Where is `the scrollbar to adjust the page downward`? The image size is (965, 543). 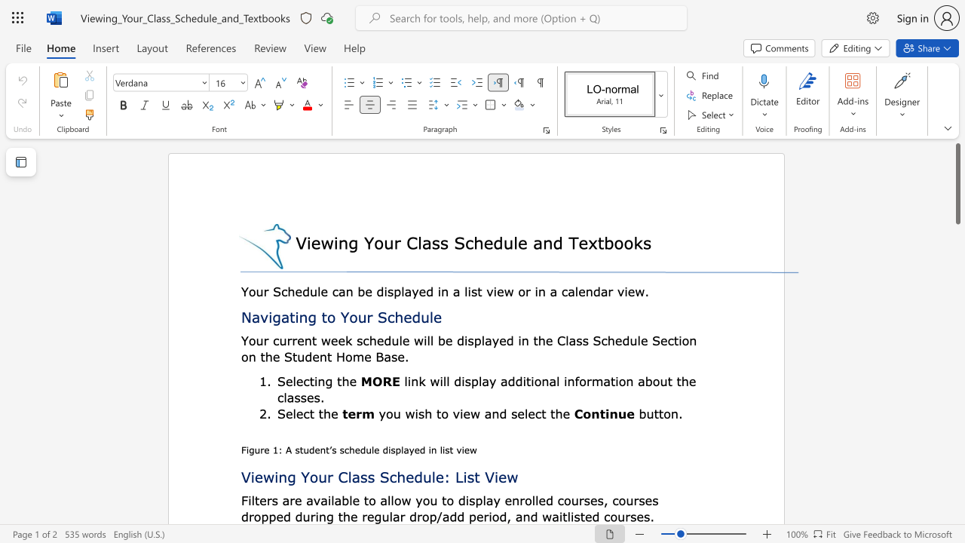
the scrollbar to adjust the page downward is located at coordinates (957, 490).